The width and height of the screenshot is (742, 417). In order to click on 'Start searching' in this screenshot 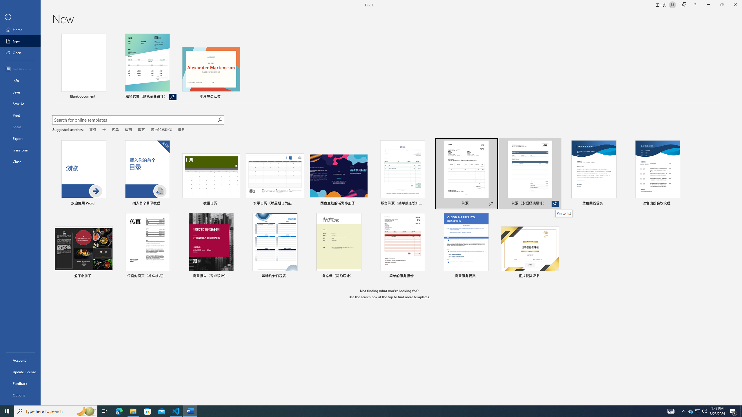, I will do `click(220, 120)`.